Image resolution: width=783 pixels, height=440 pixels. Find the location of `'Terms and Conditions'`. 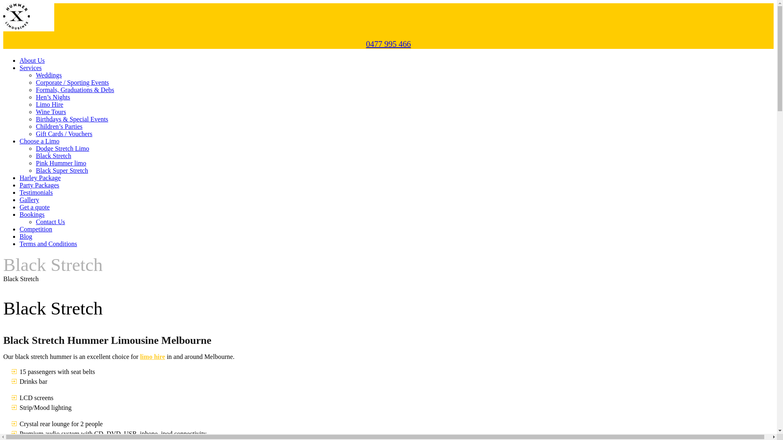

'Terms and Conditions' is located at coordinates (20, 243).